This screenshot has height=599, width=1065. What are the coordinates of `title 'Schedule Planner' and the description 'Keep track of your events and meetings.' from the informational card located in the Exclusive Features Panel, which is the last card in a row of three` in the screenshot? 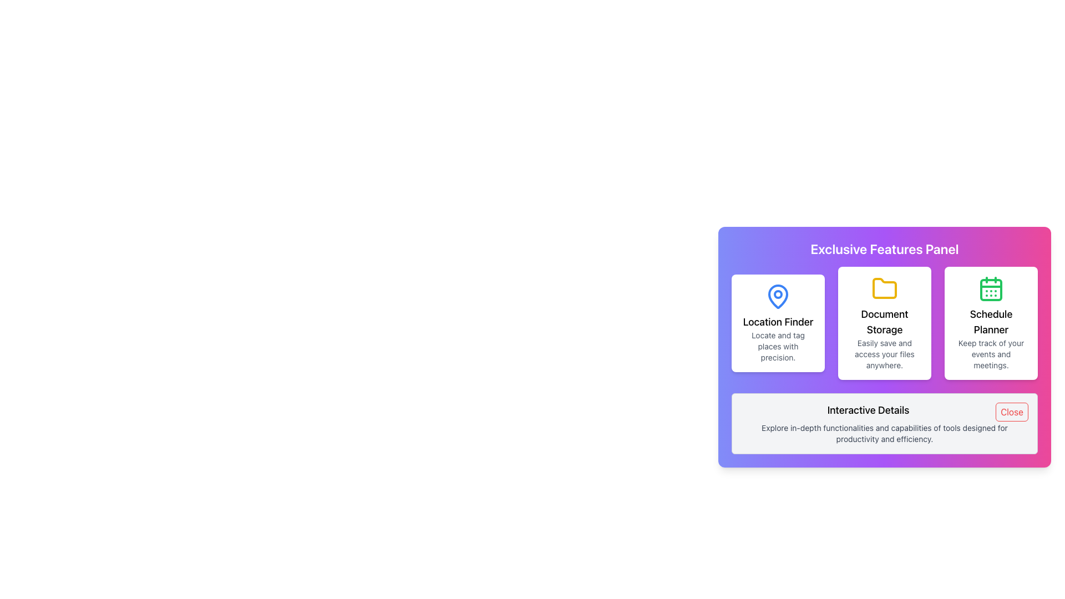 It's located at (991, 323).